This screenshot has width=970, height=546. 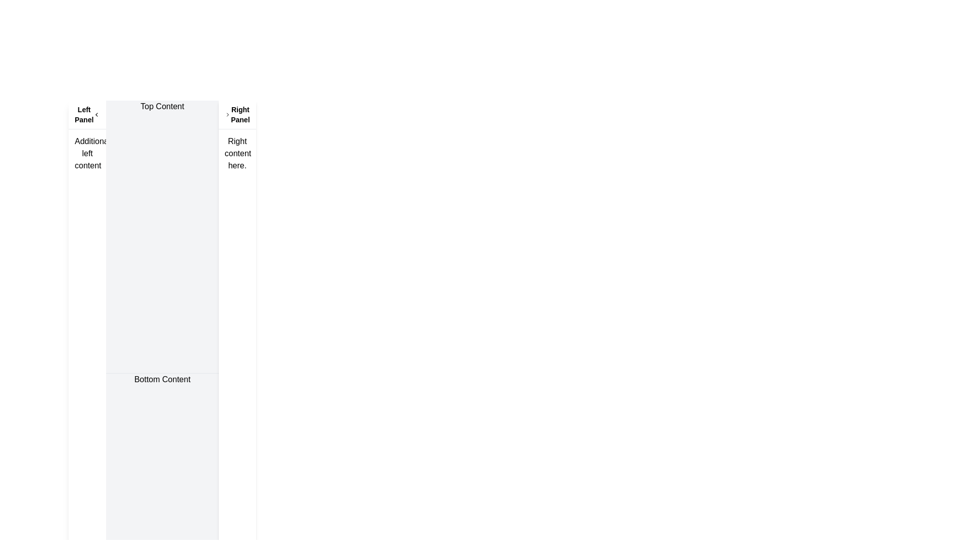 I want to click on the text block located in the 'Right Panel' below the header text 'Right Panel', so click(x=236, y=154).